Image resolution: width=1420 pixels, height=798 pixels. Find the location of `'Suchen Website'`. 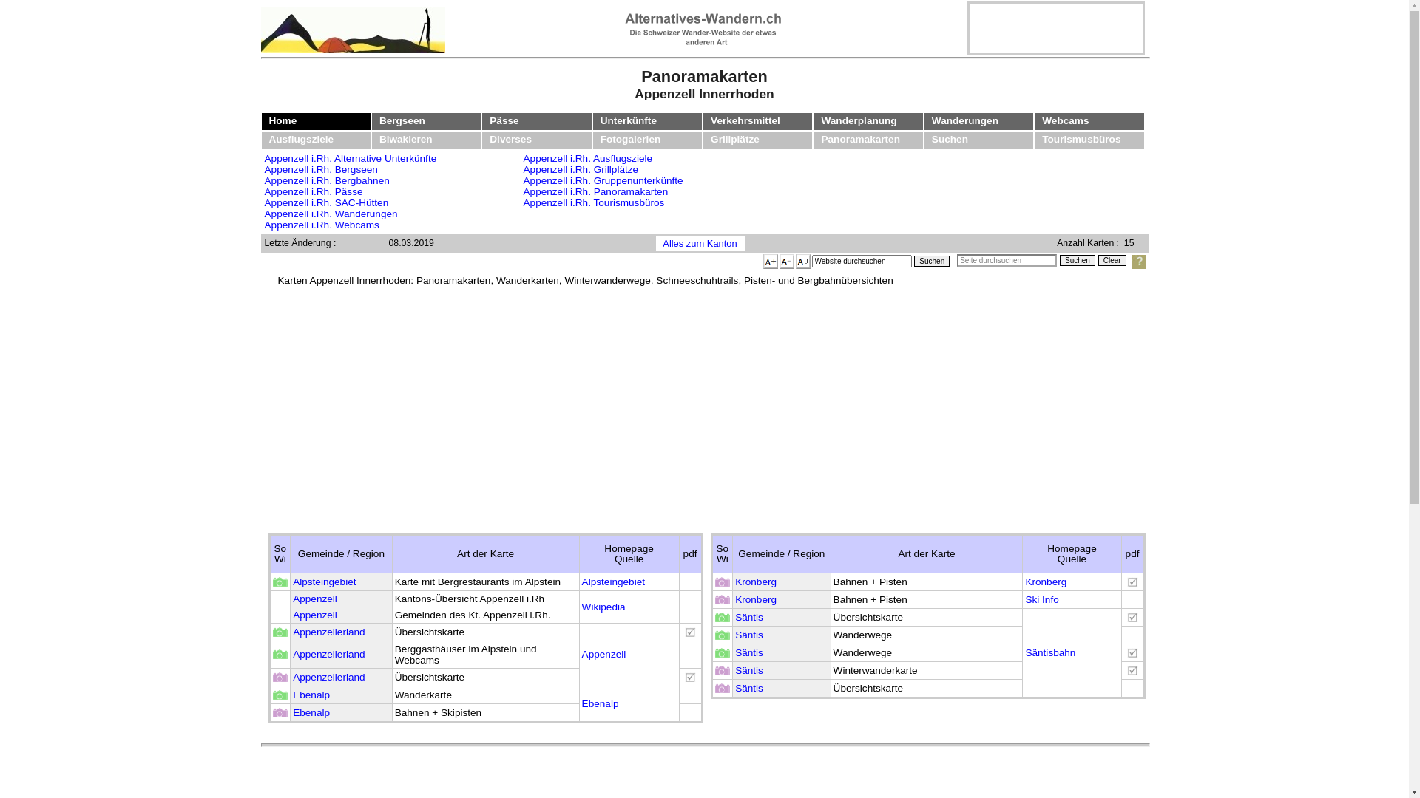

'Suchen Website' is located at coordinates (913, 260).